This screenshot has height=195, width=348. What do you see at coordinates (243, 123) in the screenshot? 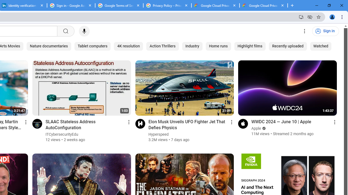
I see `'Go to channel'` at bounding box center [243, 123].